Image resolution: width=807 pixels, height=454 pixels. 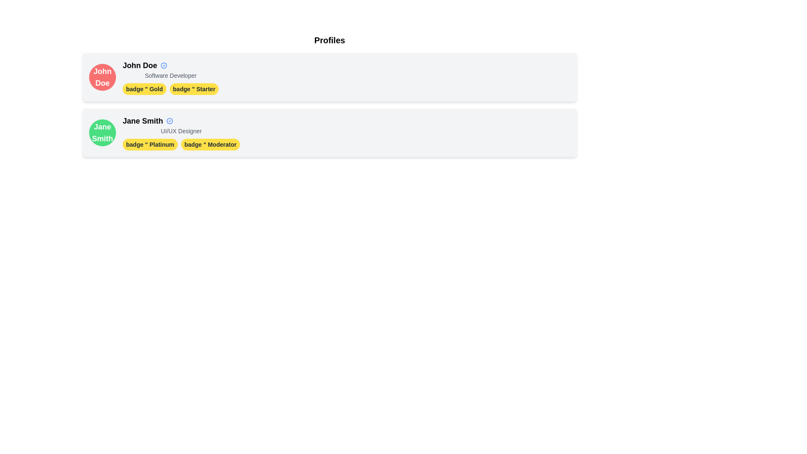 What do you see at coordinates (210, 144) in the screenshot?
I see `the second badge from the left in the horizontal array located in the bottom profile section below 'Jane Smith' to interact with related functionality or view more info` at bounding box center [210, 144].